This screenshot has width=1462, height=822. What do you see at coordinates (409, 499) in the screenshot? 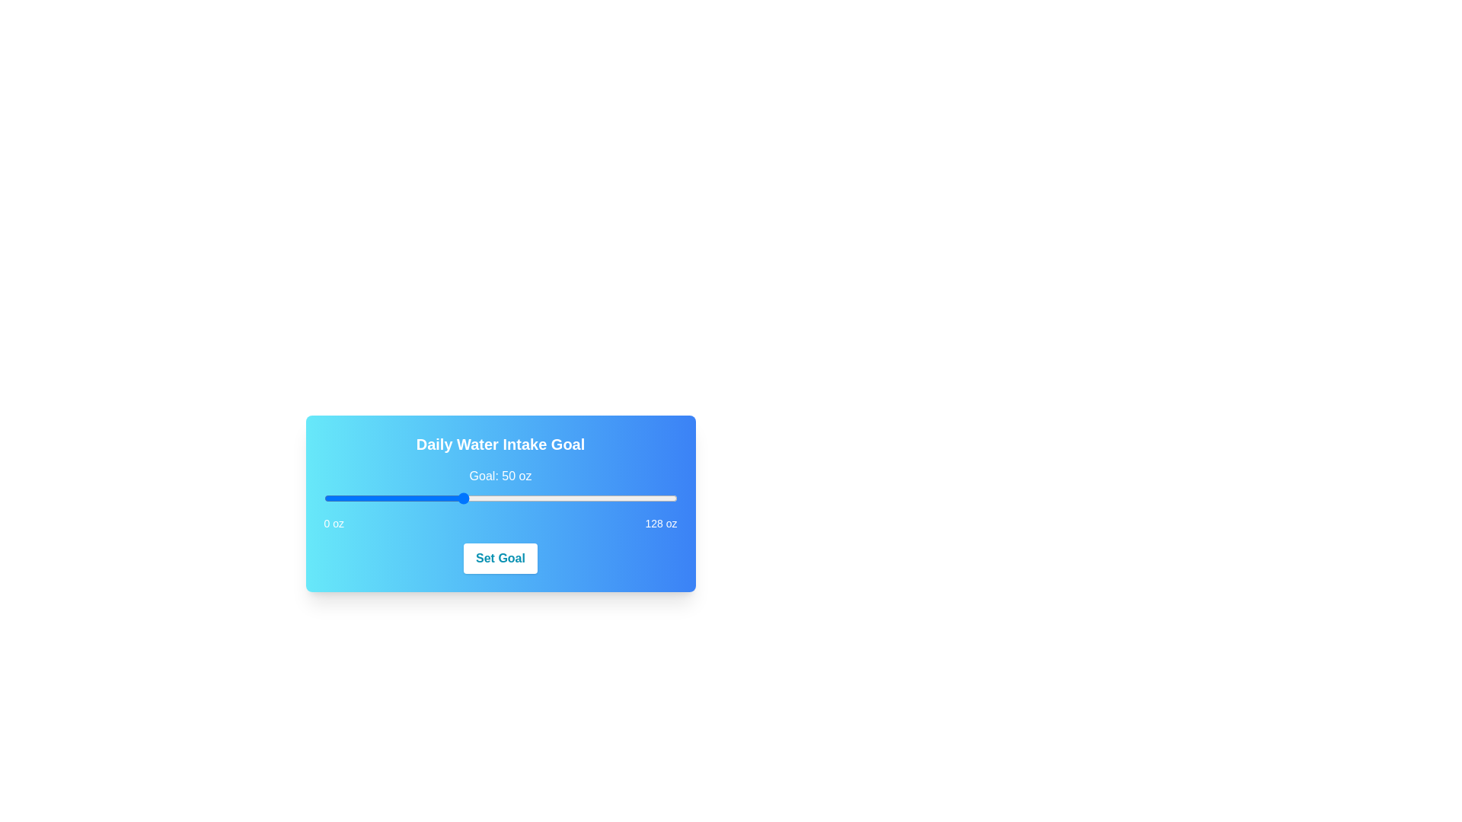
I see `the slider to set the value to 31 oz` at bounding box center [409, 499].